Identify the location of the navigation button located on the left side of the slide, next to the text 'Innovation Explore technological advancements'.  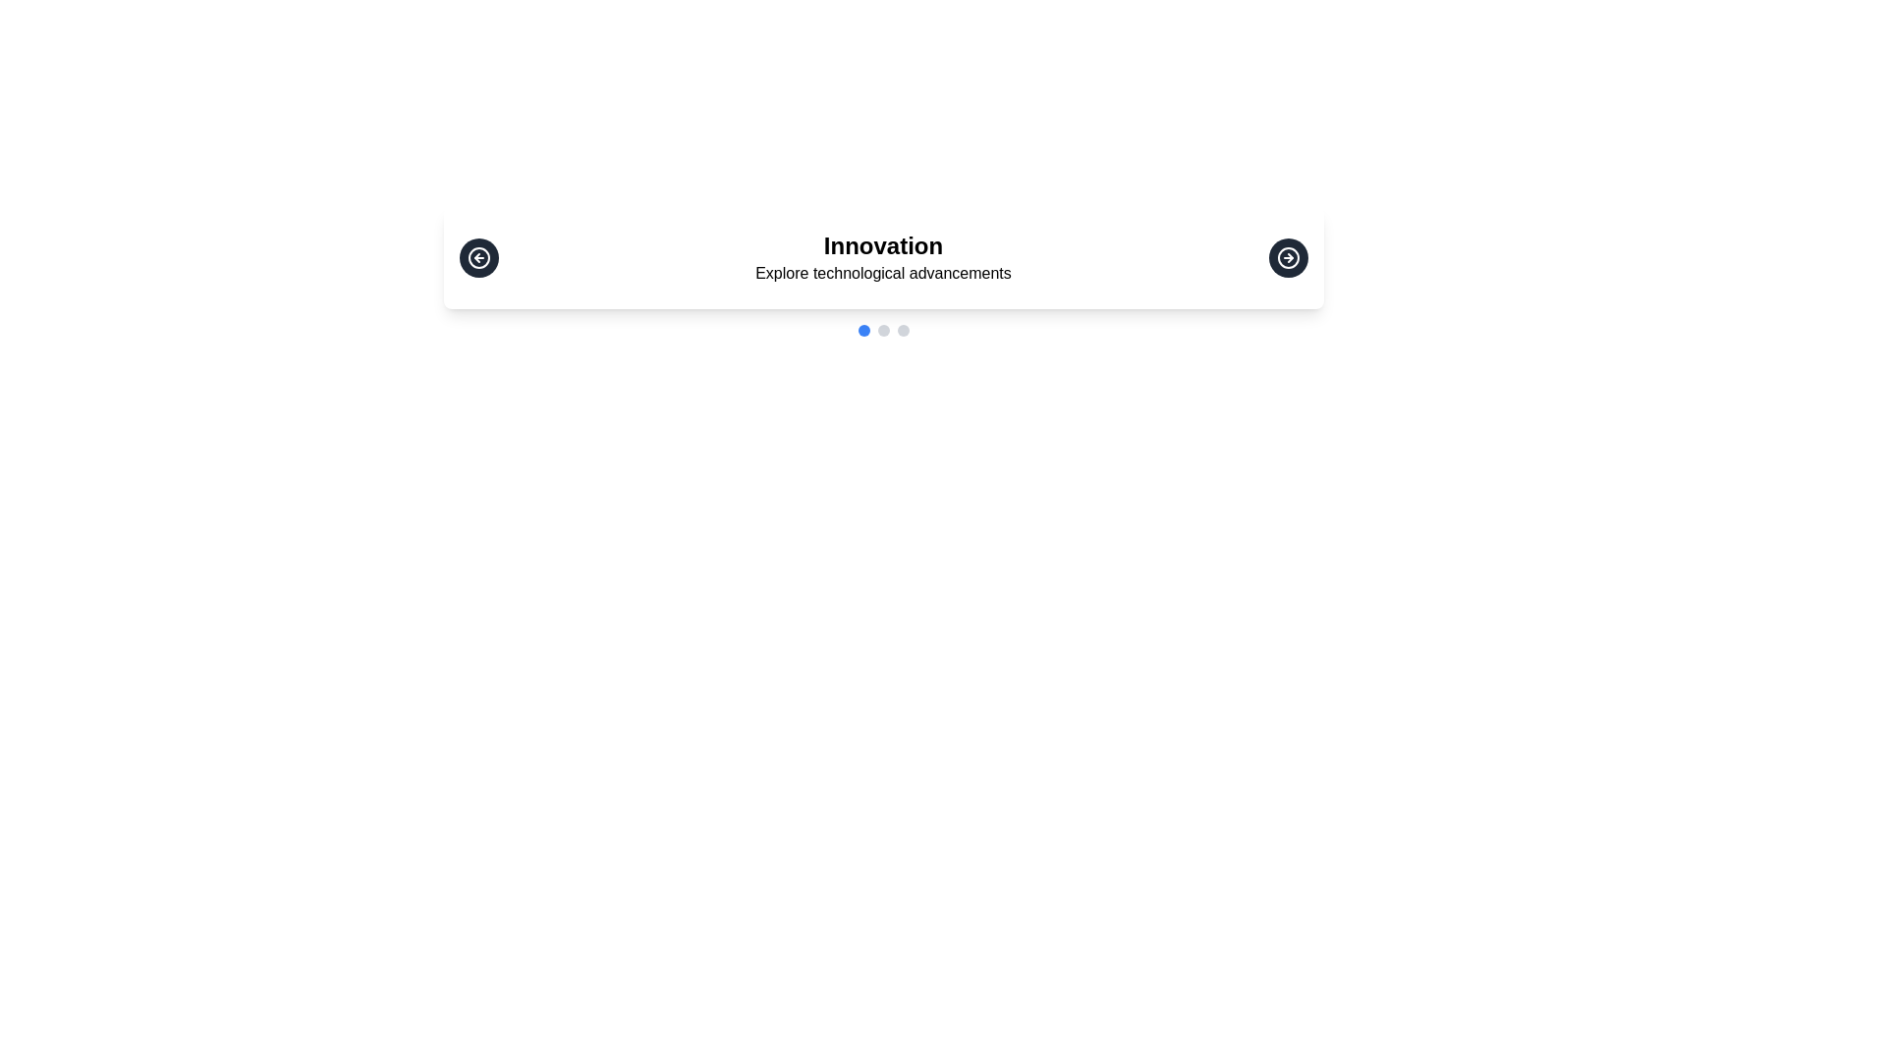
(478, 256).